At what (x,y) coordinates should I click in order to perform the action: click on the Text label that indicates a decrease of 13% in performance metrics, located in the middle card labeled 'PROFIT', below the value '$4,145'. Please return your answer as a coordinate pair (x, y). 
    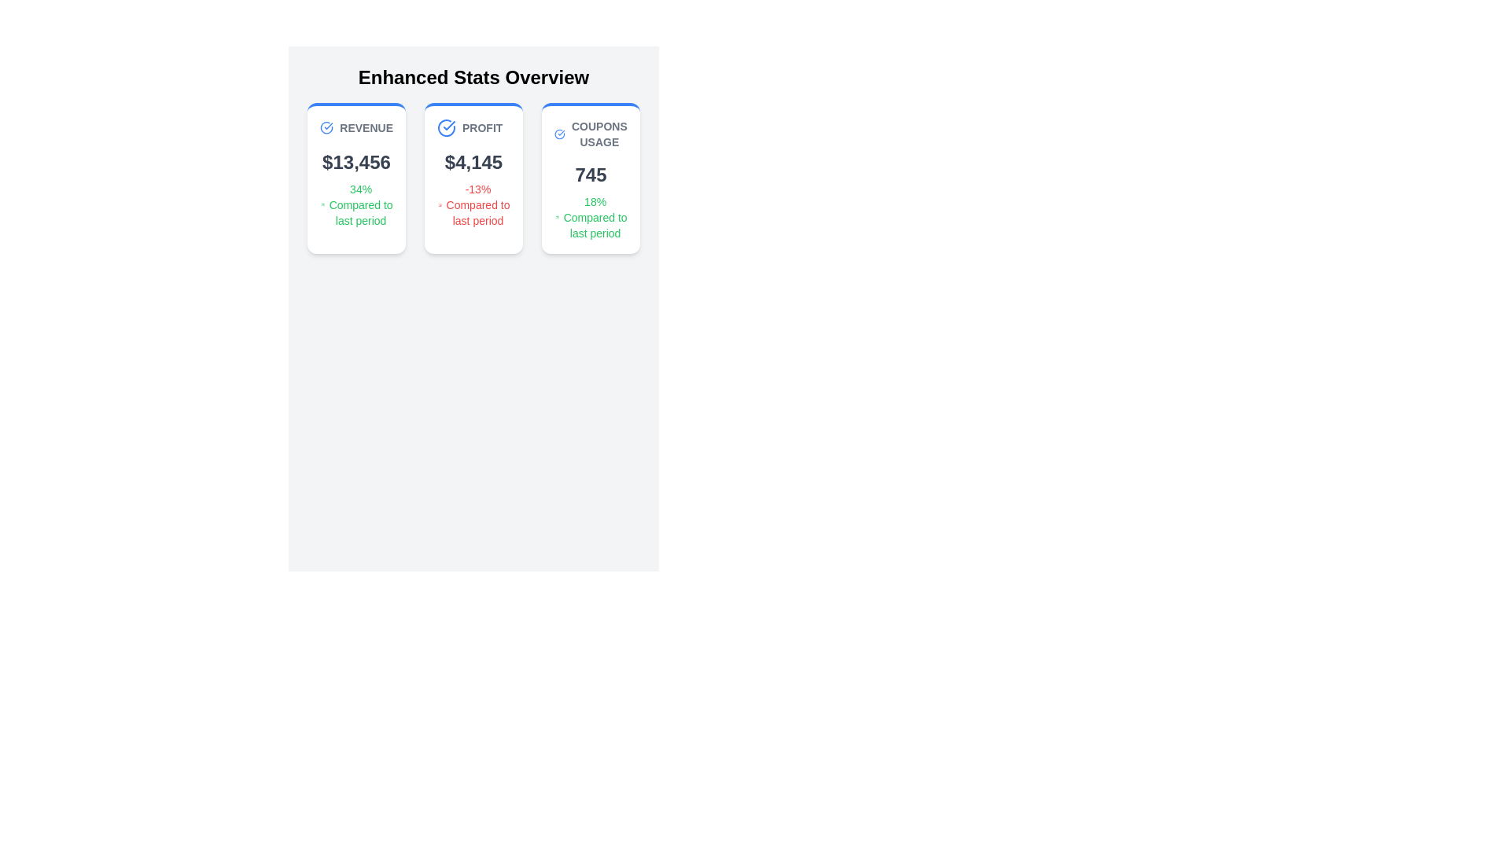
    Looking at the image, I should click on (477, 204).